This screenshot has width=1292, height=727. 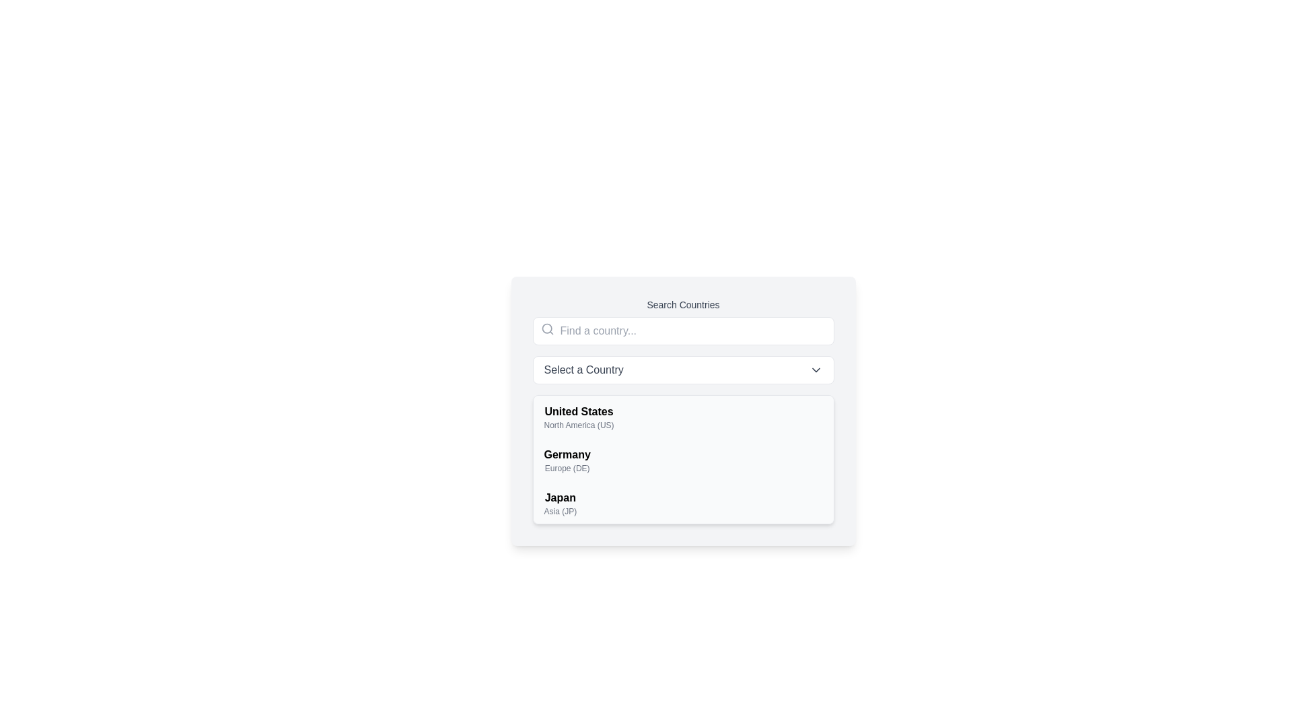 What do you see at coordinates (815, 370) in the screenshot?
I see `the chevron icon located inside the dropdown field labeled 'Select a Country'` at bounding box center [815, 370].